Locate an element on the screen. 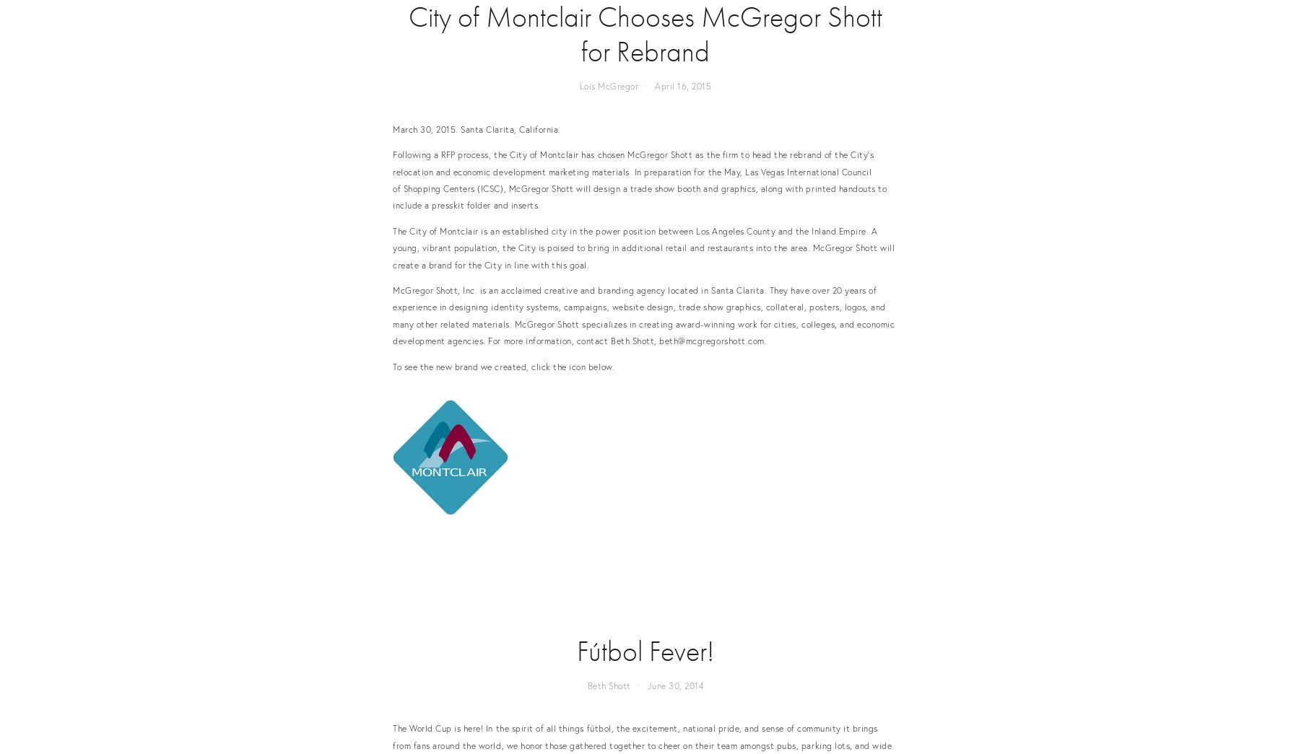 The width and height of the screenshot is (1291, 754). 'Following a RFP process, the City of Montclair has chosen McGregor Shott as the firm to head the rebrand of the City's relocation and economic development marketing materials. In preparation for the May, Las Vegas International Council of Shopping Centers (ICSC), McGregor Shott will design a trade show booth and graphics, along with printed handouts to include a presskit folder and inserts.' is located at coordinates (638, 179).